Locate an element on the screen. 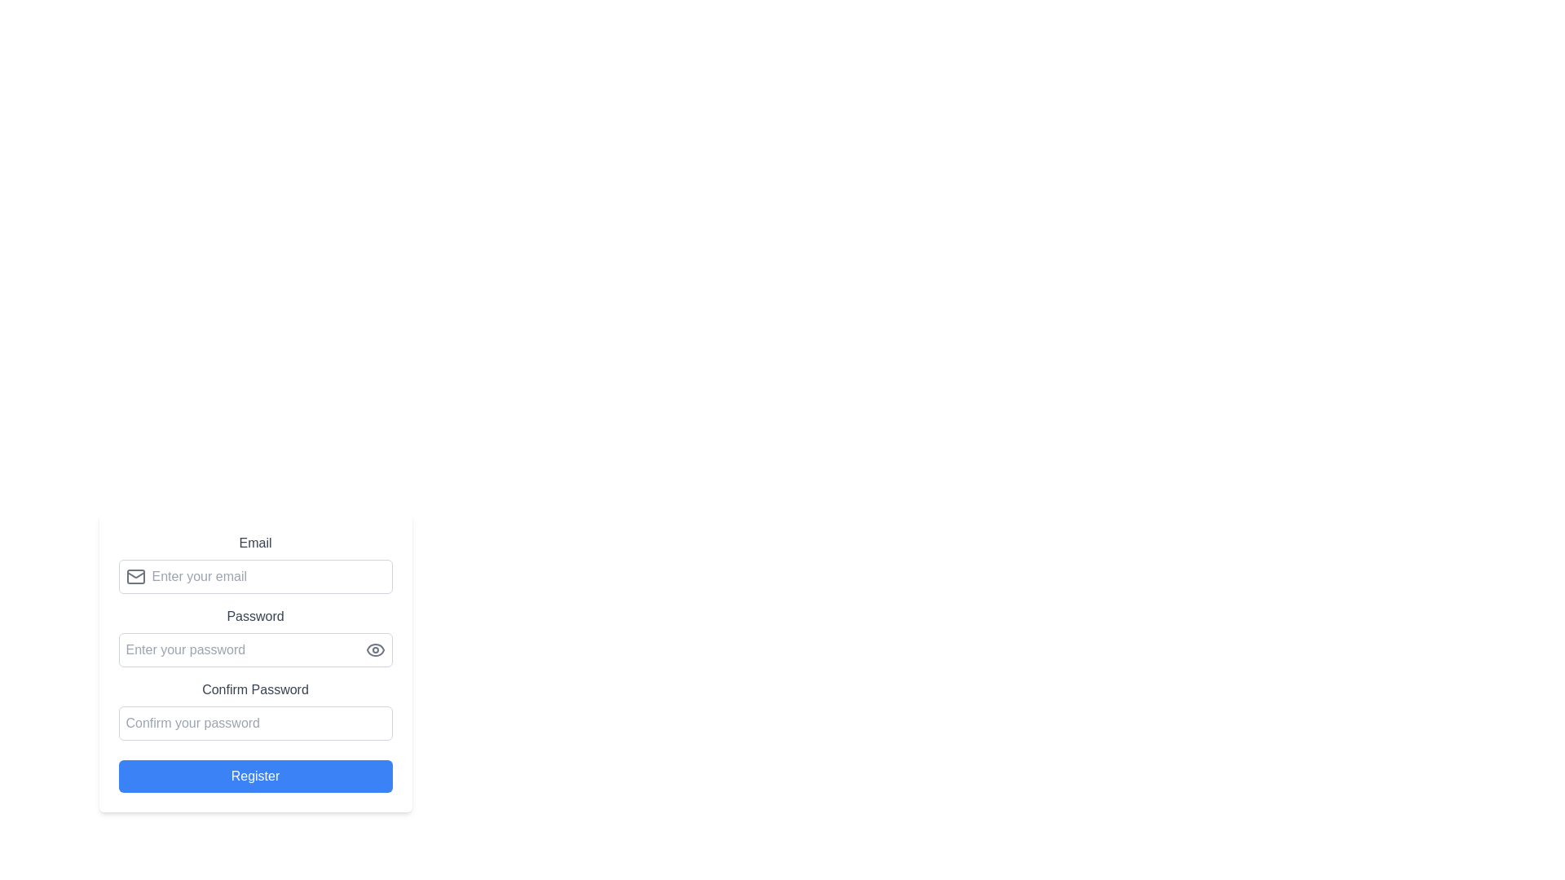  the password input field labeled 'Enter your password' to focus on it is located at coordinates (241, 649).